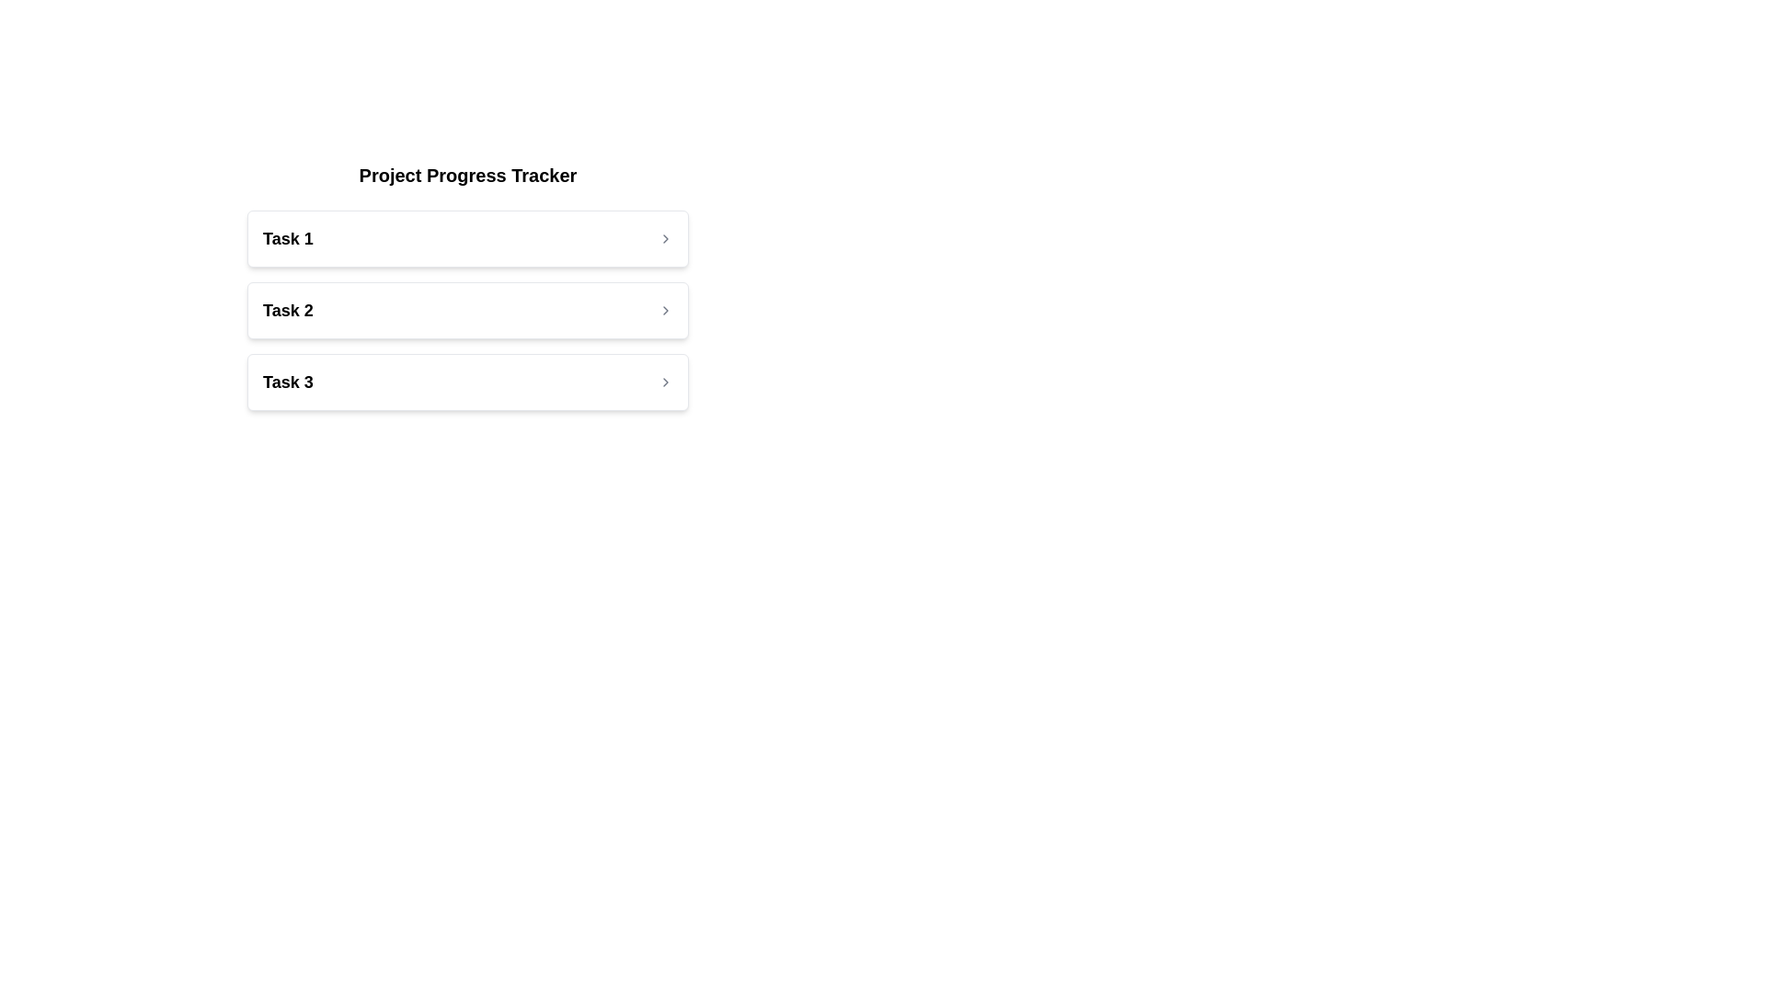 The image size is (1766, 993). Describe the element at coordinates (287, 382) in the screenshot. I see `text displayed in the Label/Title that shows 'Task 3', which is styled in bold and medium-large size, located in the third row of the task list` at that location.